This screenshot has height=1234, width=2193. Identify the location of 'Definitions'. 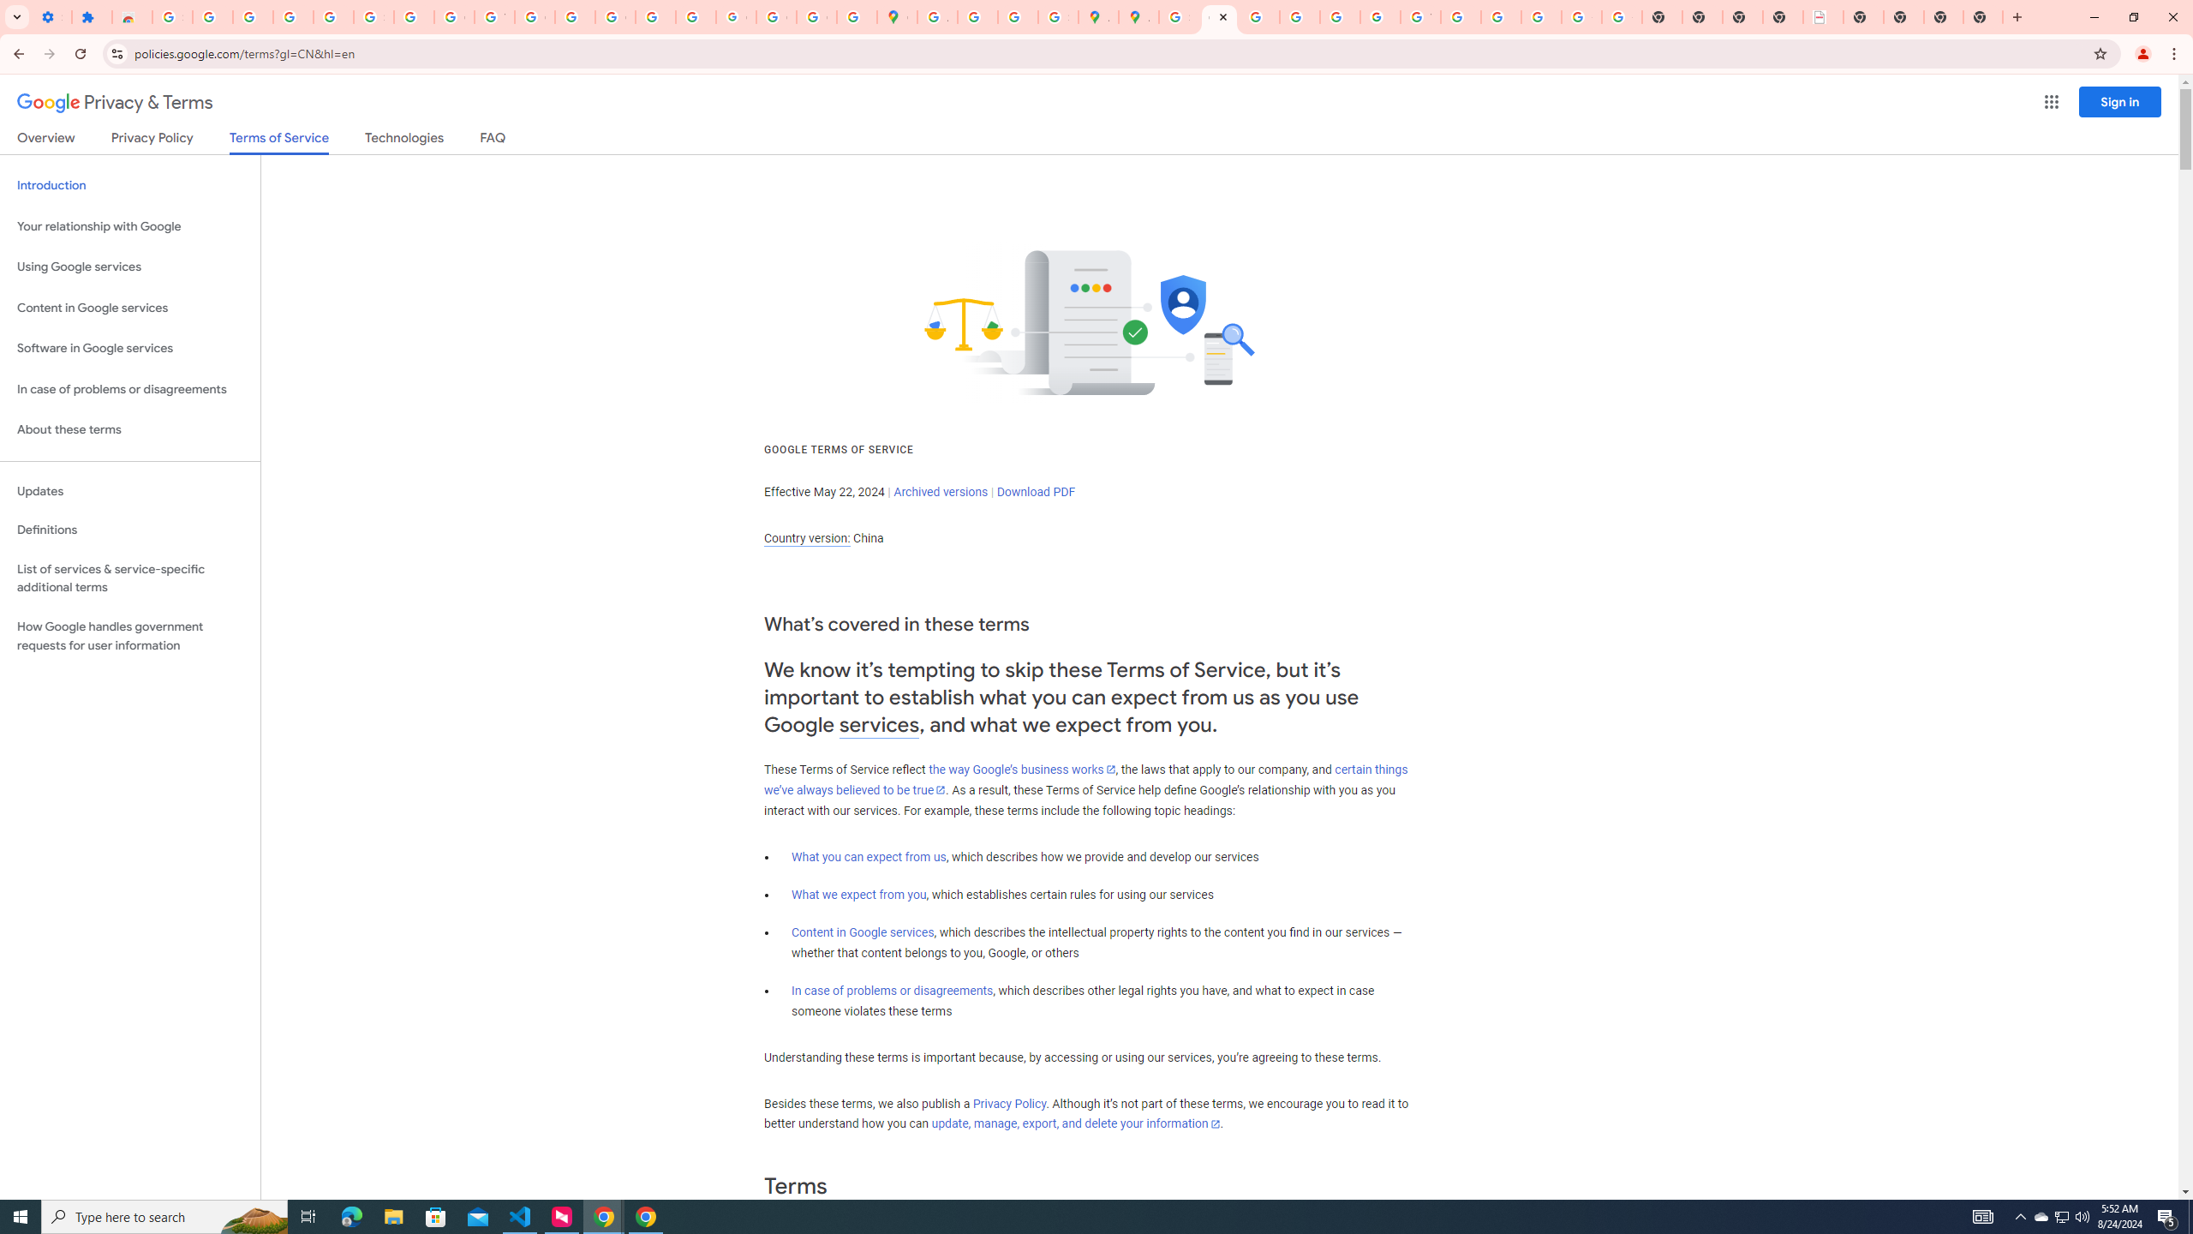
(129, 530).